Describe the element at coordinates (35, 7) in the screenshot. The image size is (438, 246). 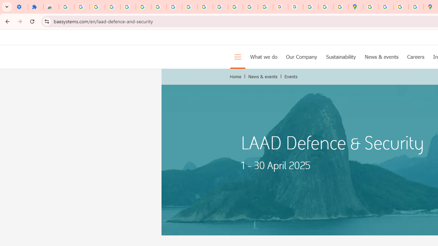
I see `'Extensions'` at that location.